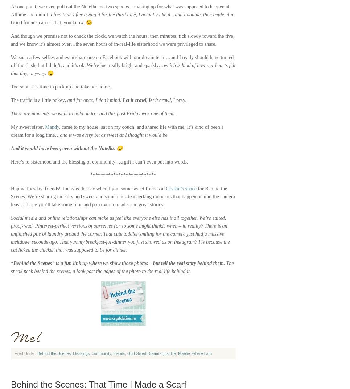  Describe the element at coordinates (60, 86) in the screenshot. I see `'Too soon, it’s time to pack up and take her home.'` at that location.